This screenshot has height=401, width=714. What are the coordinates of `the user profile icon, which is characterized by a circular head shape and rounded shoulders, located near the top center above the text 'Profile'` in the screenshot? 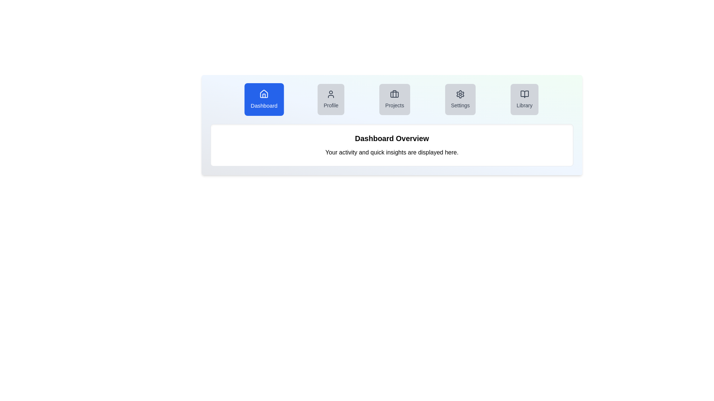 It's located at (331, 94).